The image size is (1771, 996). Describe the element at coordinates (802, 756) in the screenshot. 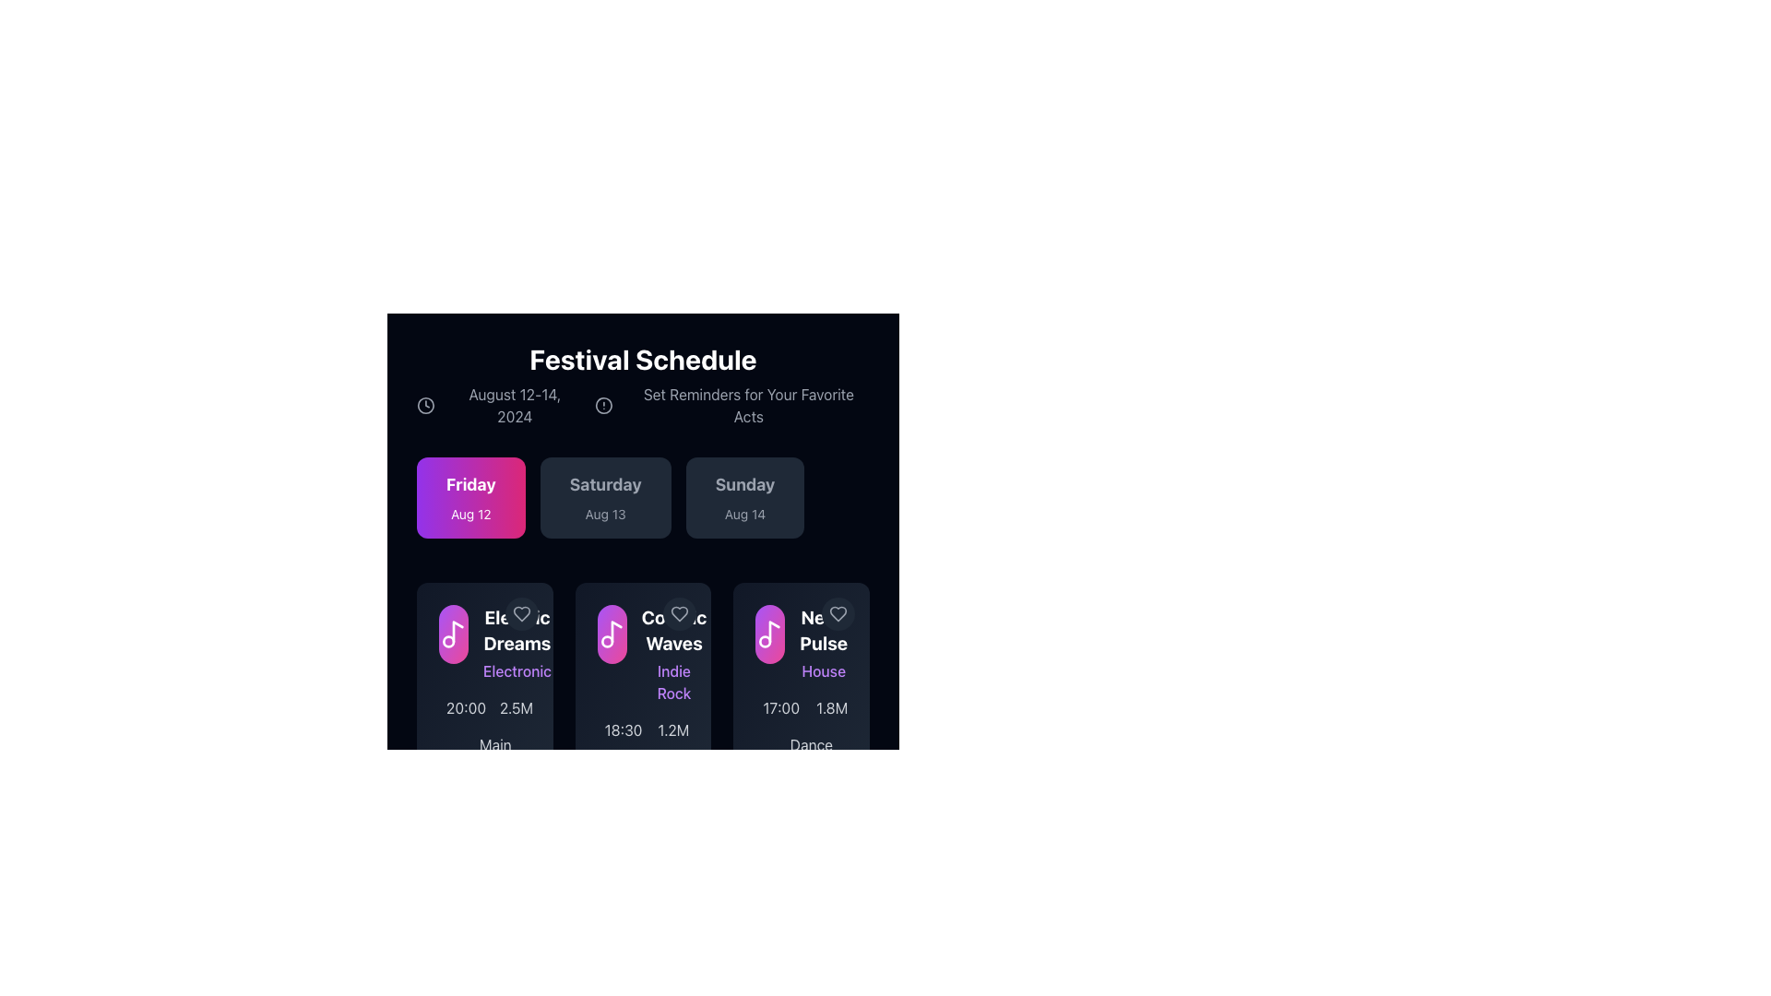

I see `the 'Dance Arena' label which features a pin map icon, located at the bottom section of the event details card against a dark background` at that location.